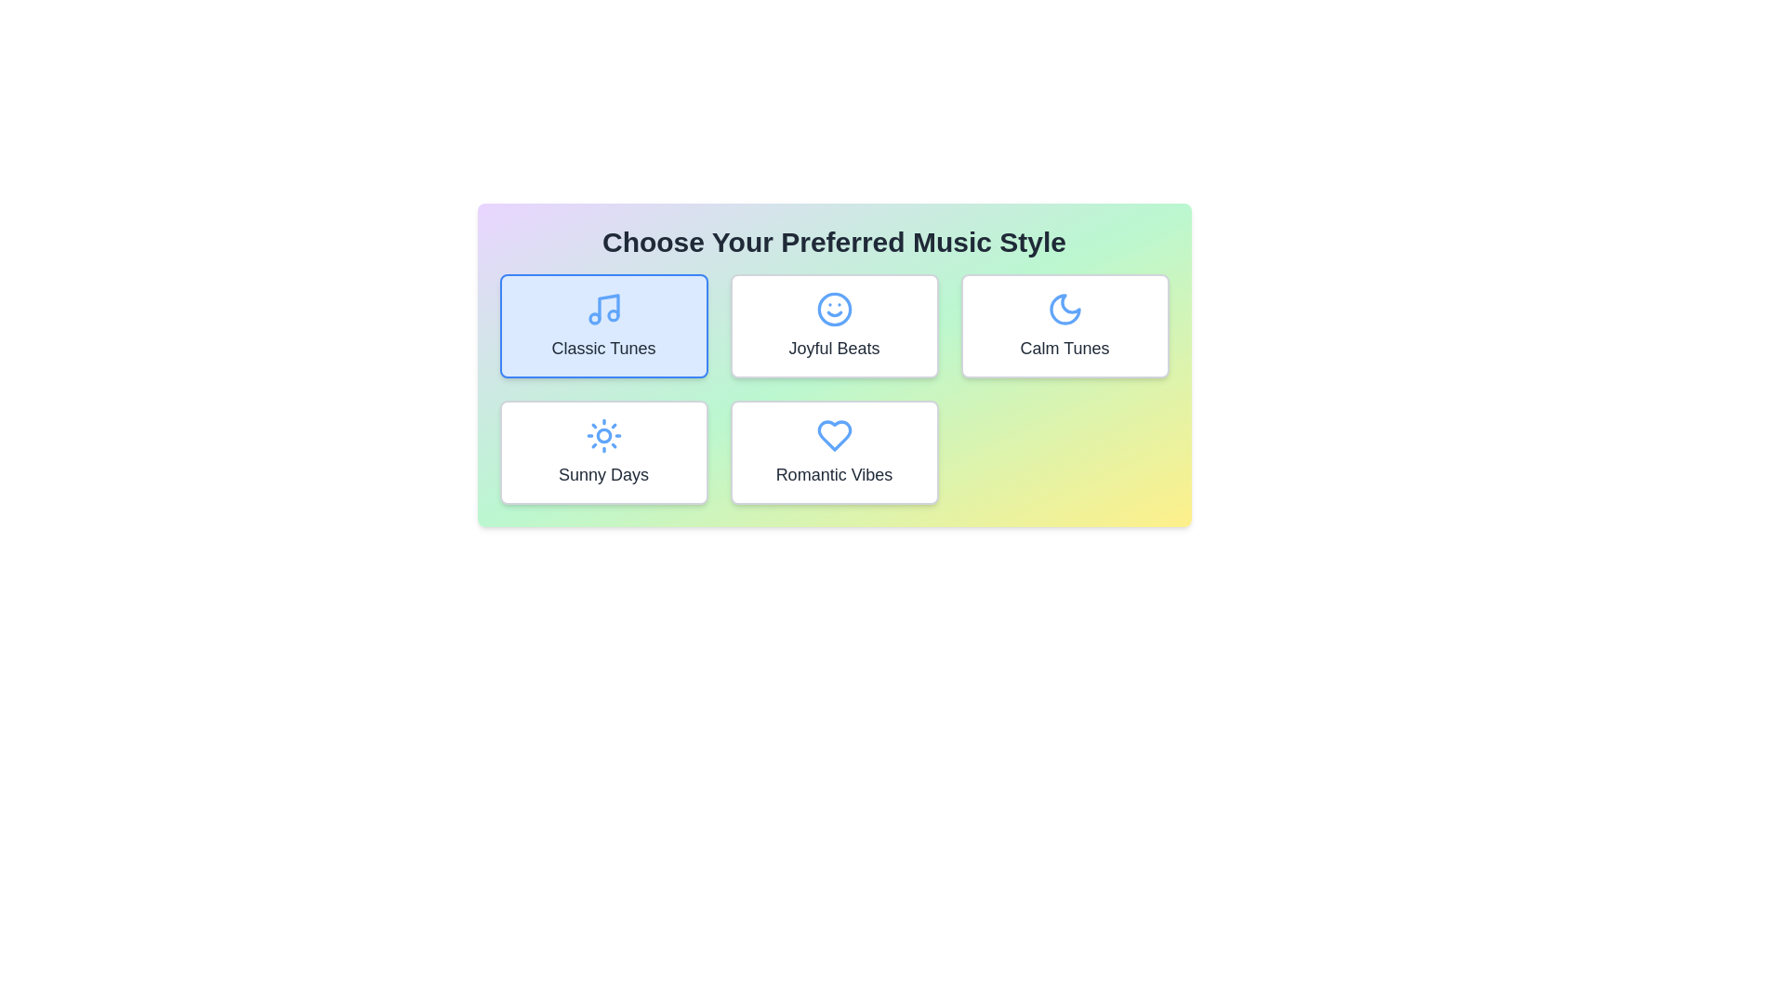 This screenshot has width=1785, height=1004. Describe the element at coordinates (1064, 308) in the screenshot. I see `the icon representing 'Calm Tunes' located centrally above the text label in the third card of the top row` at that location.